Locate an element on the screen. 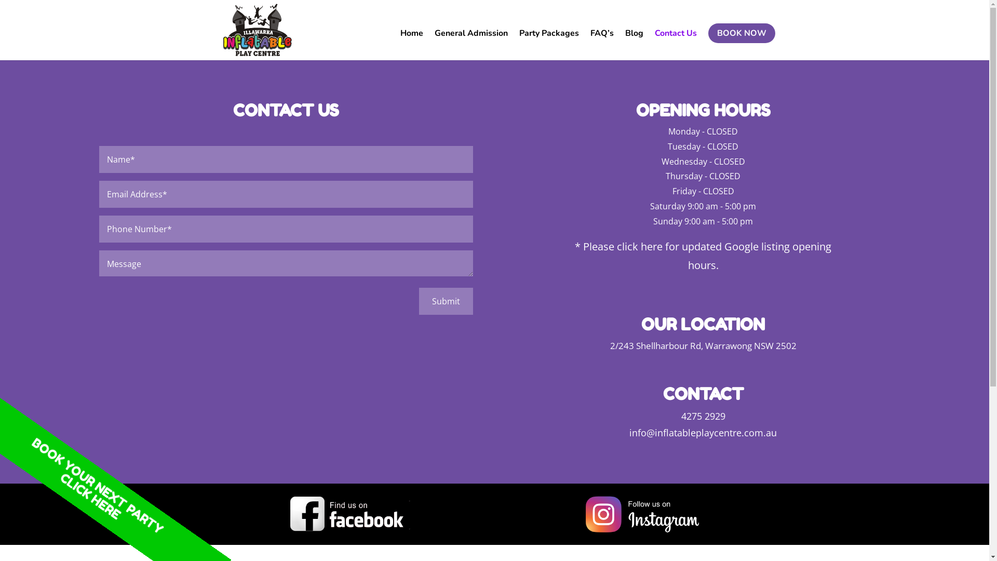 Image resolution: width=997 pixels, height=561 pixels. 'Blog' is located at coordinates (634, 44).